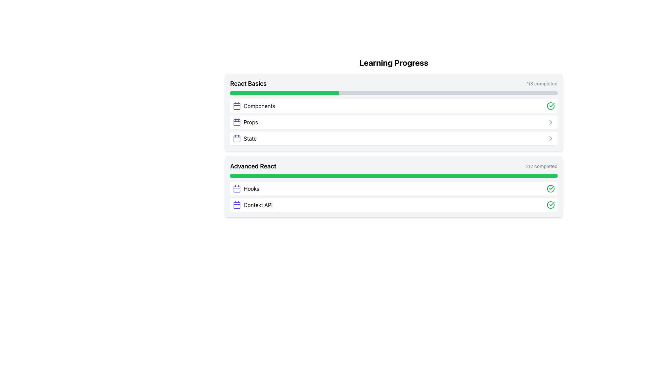 The image size is (650, 366). What do you see at coordinates (237, 122) in the screenshot?
I see `calendar icon with a white background and indigo outline, located inside the 'Props' label of the 'React Basics' section, by clicking on it` at bounding box center [237, 122].